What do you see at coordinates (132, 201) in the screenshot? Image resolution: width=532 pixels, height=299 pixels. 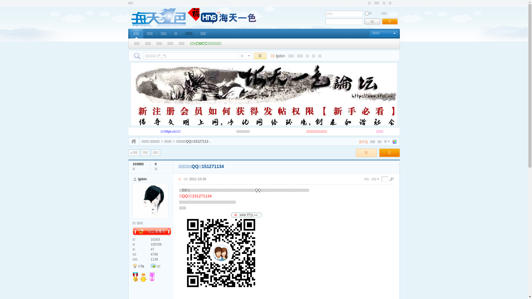 I see `'ljpbin'` at bounding box center [132, 201].